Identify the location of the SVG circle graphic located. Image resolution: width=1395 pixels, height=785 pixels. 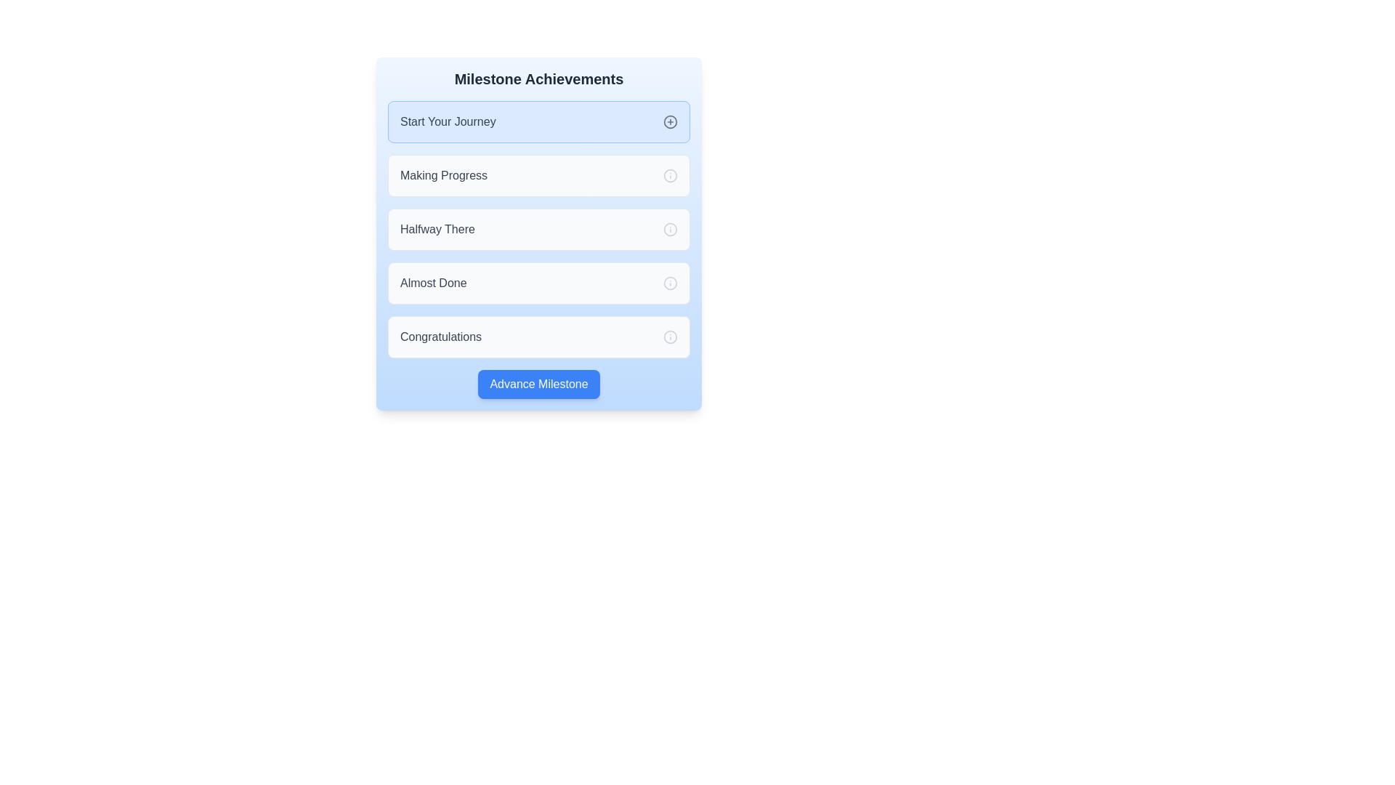
(669, 229).